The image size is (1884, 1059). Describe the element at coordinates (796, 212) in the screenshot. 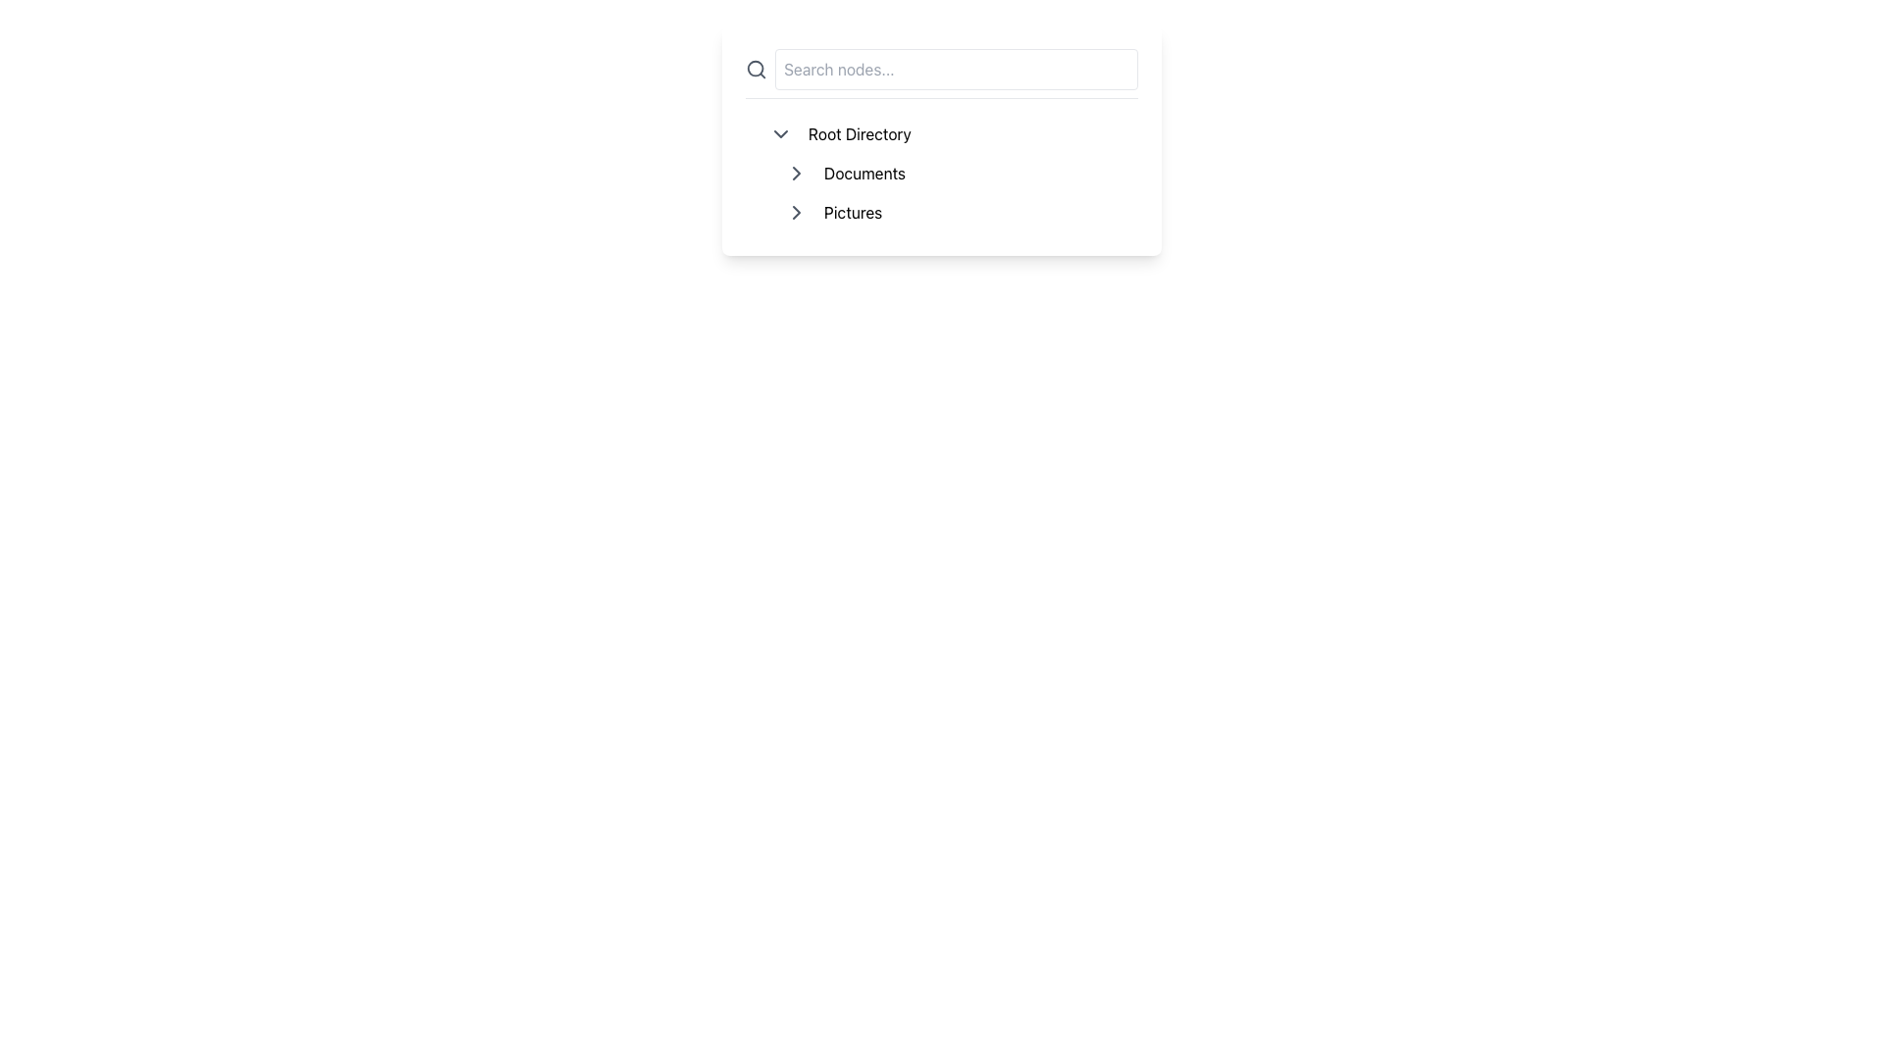

I see `the icon that expands the 'Pictures' directory, located to the left of the 'Pictures' text in a directory-like structure` at that location.